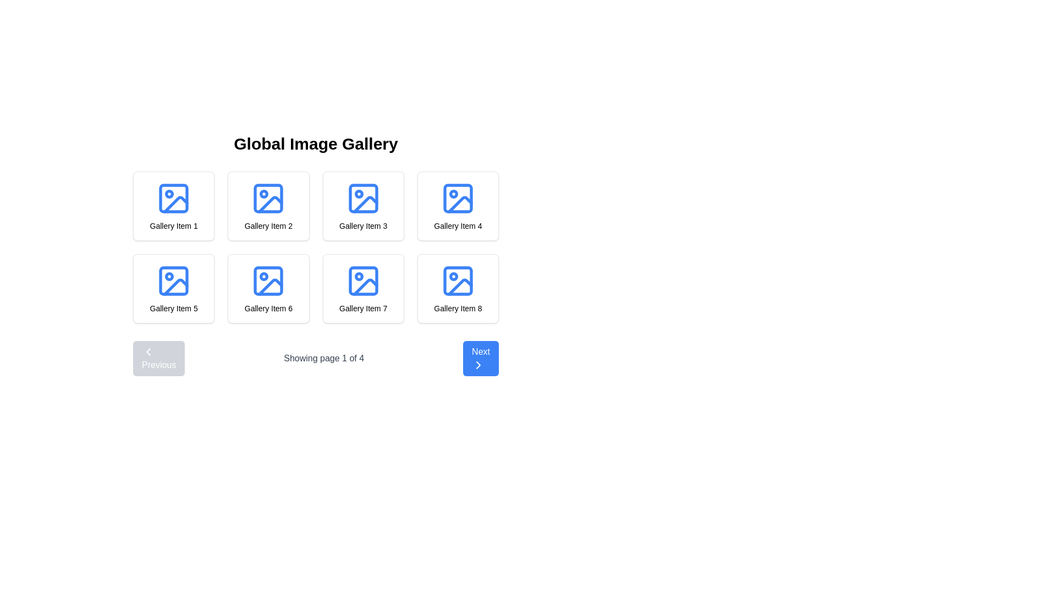  Describe the element at coordinates (458, 308) in the screenshot. I see `the text label displaying 'Gallery Item 8', which is located in the bottom-right corner of the card layout beneath 'Gallery Item 7'` at that location.